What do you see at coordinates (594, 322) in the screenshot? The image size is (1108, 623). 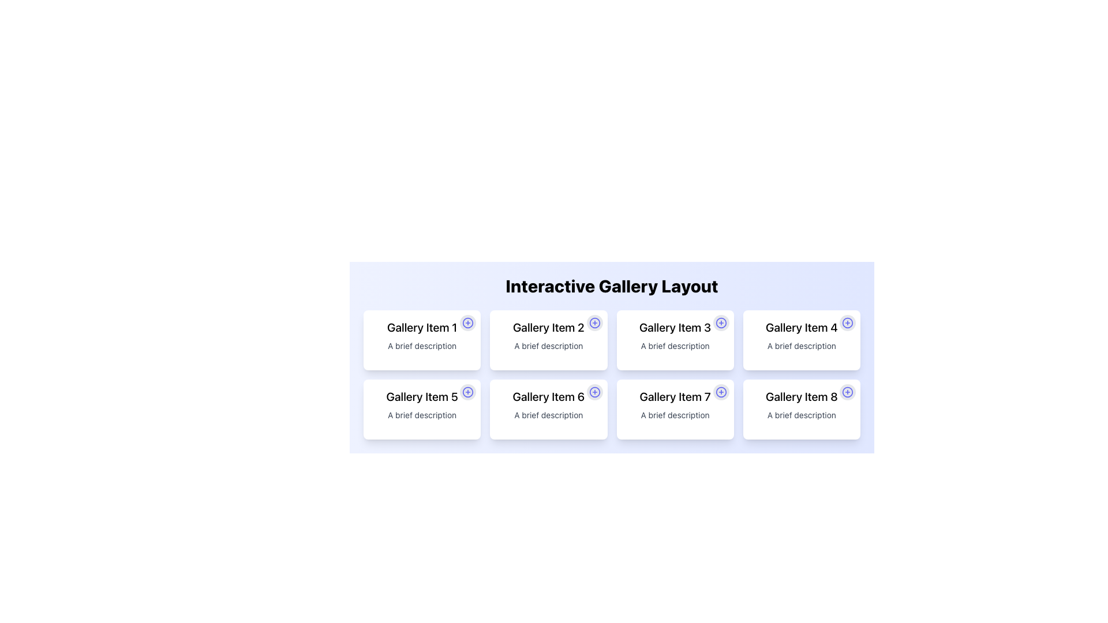 I see `the circular component that represents a plus symbol in the header of the second gallery item, positioned to the right of the text labeled 'Gallery Item 2'` at bounding box center [594, 322].